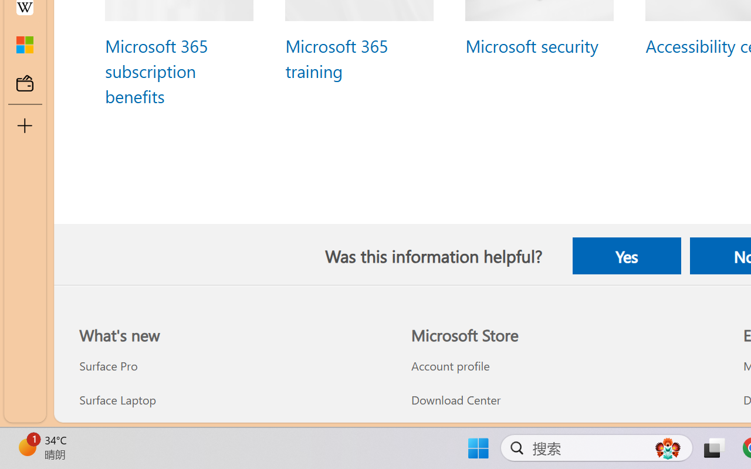 The image size is (751, 469). What do you see at coordinates (449, 366) in the screenshot?
I see `'Account profile Microsoft Store'` at bounding box center [449, 366].